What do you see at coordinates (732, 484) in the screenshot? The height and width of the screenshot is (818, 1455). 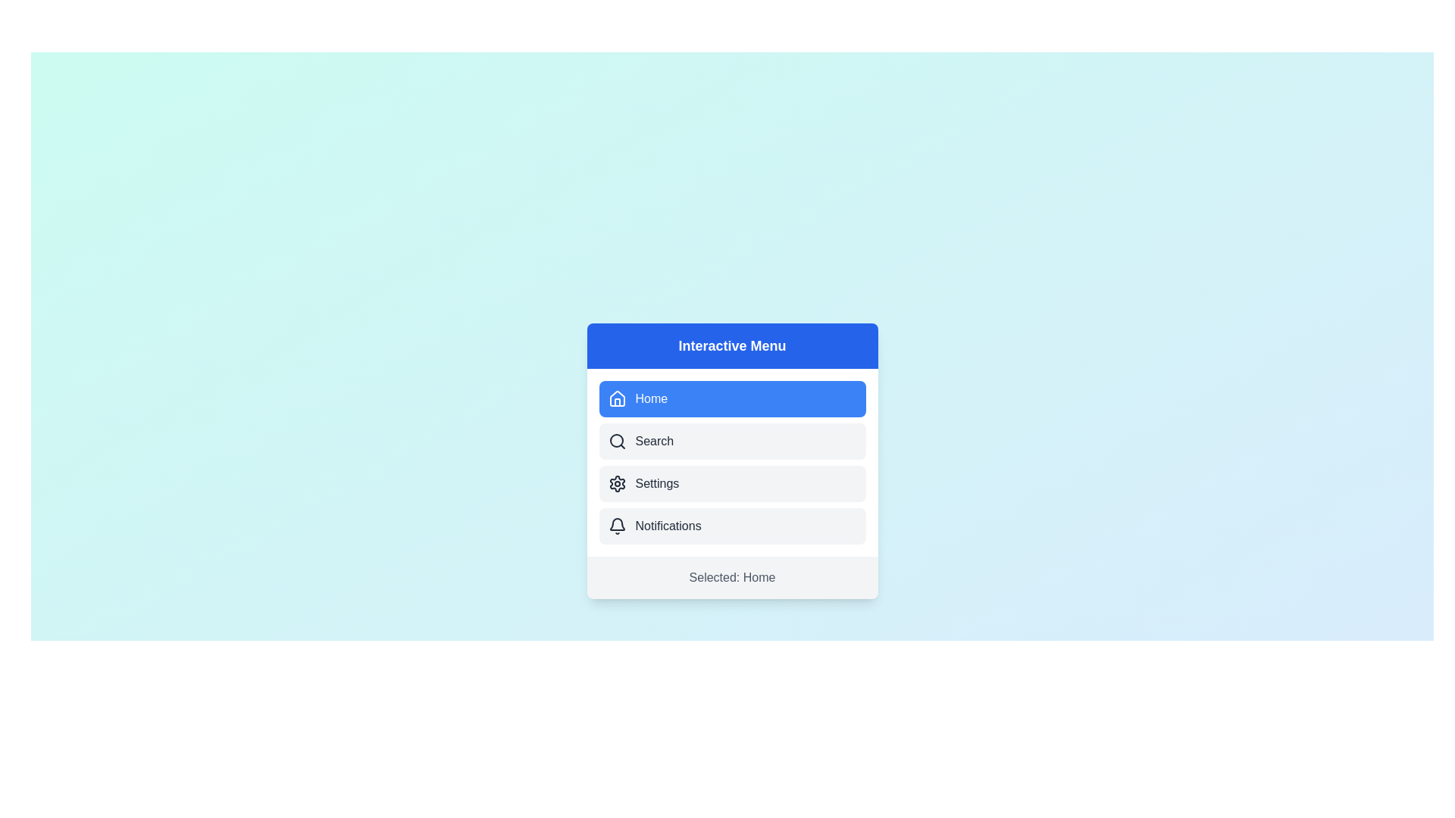 I see `the menu item Settings from the menu` at bounding box center [732, 484].